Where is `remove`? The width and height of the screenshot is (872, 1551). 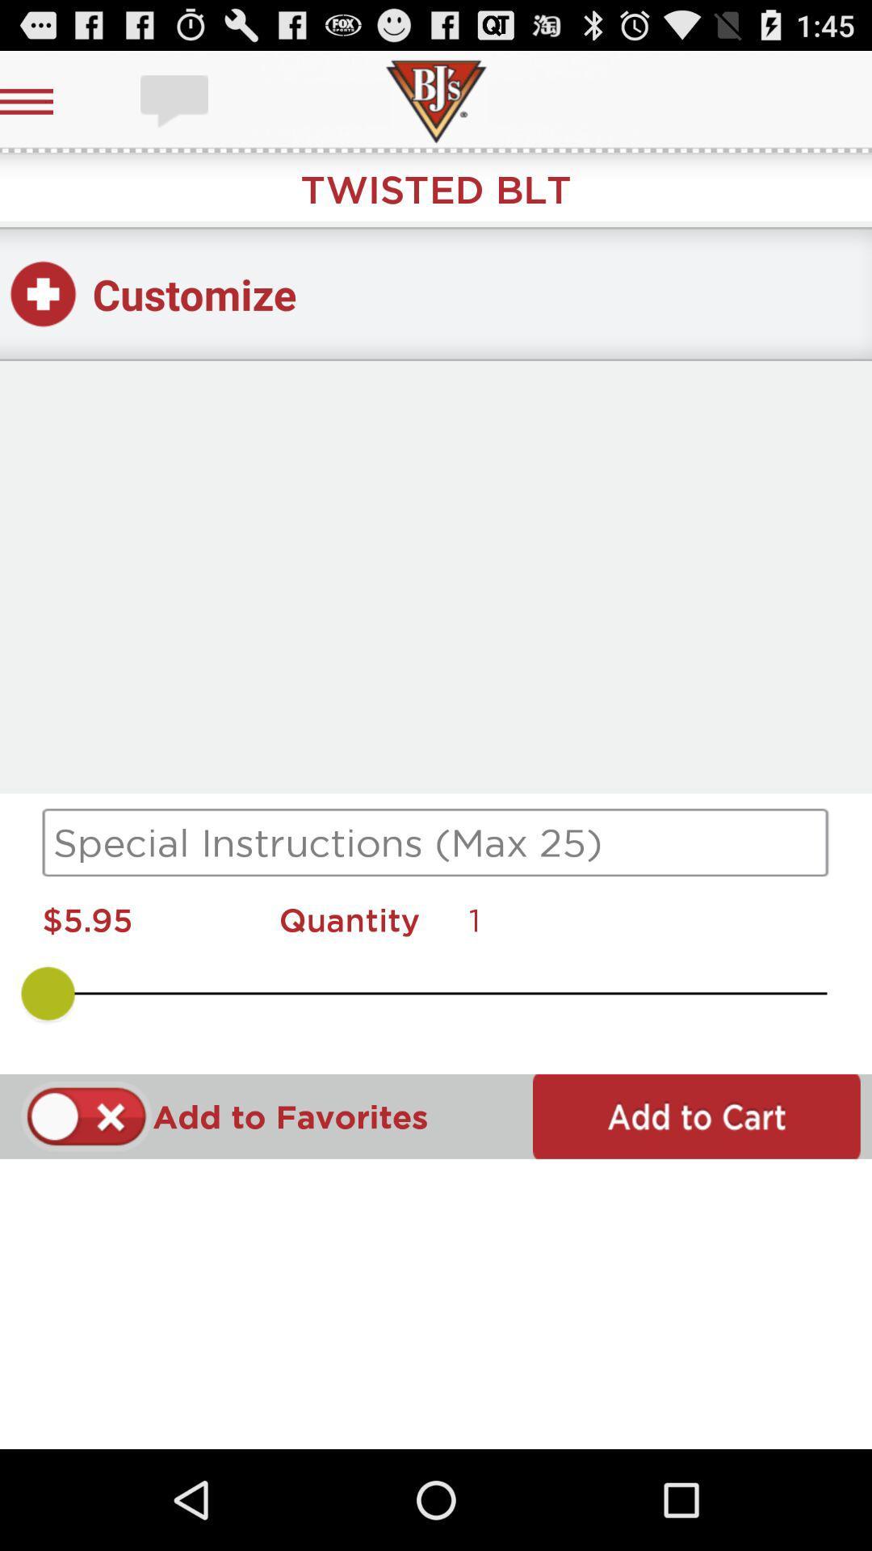 remove is located at coordinates (86, 1116).